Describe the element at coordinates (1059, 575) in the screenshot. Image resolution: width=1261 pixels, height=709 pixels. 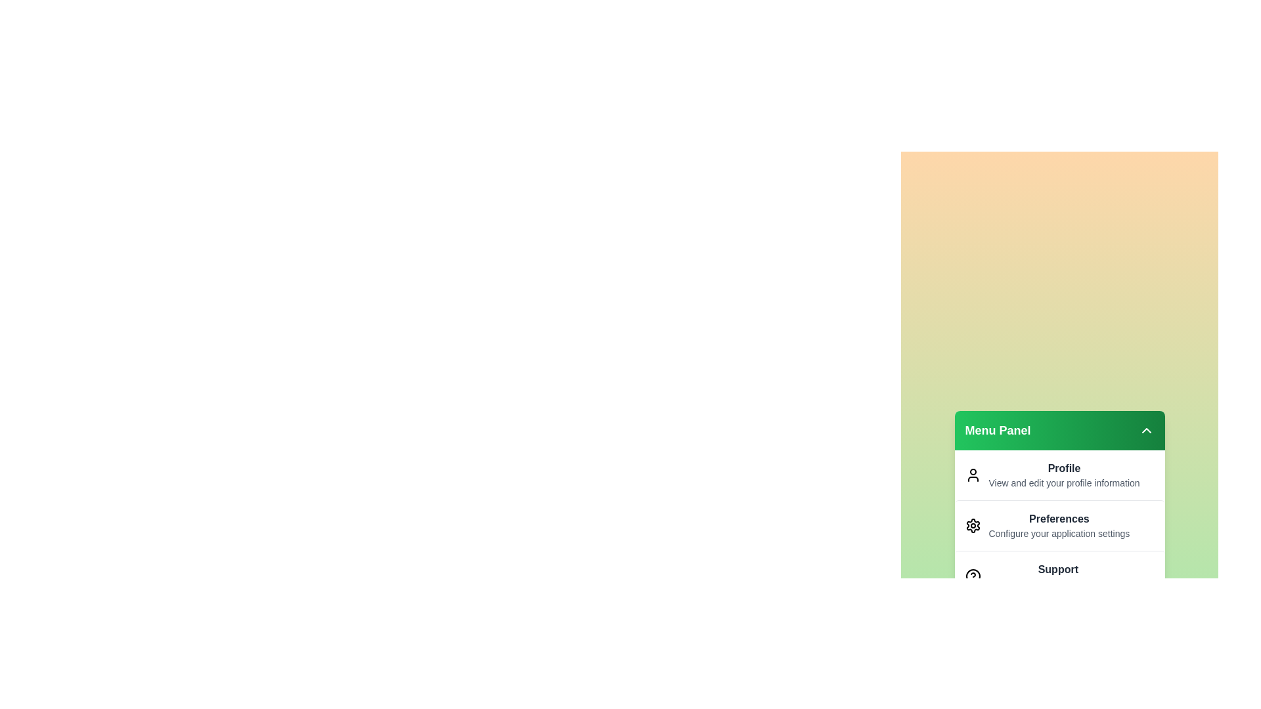
I see `the menu item Support from the menu panel` at that location.